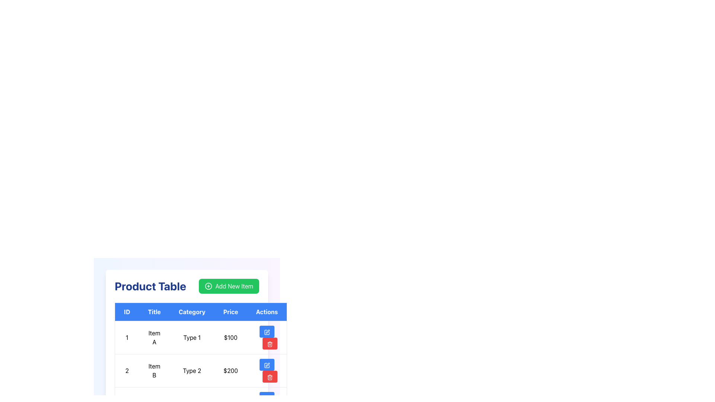 The width and height of the screenshot is (715, 402). I want to click on the pen icon in the first row of the 'Actions' column in the table, so click(267, 331).